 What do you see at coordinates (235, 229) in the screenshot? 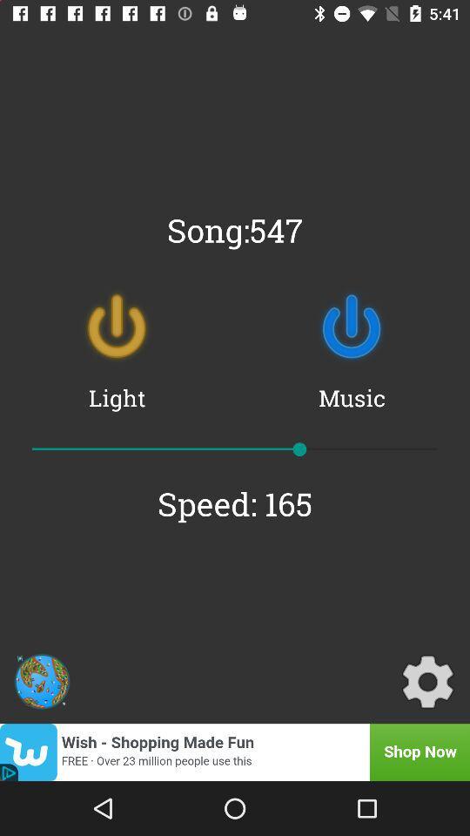
I see `the song:547 item` at bounding box center [235, 229].